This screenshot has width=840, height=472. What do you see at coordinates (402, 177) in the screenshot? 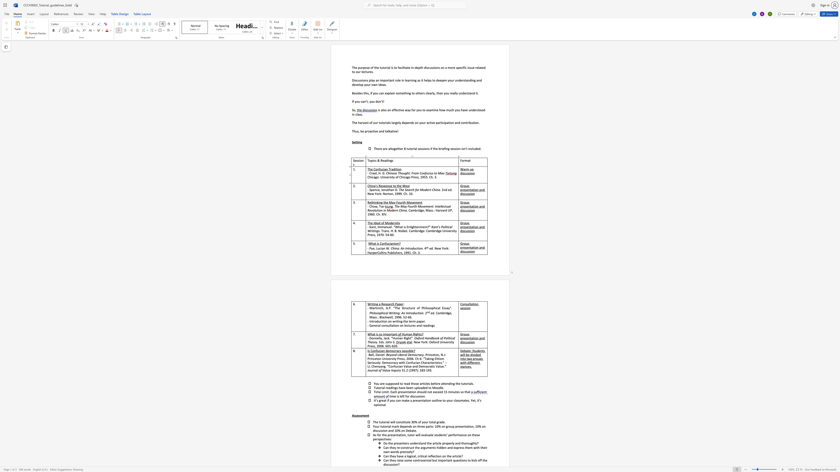
I see `the 2th character "h" in the text` at bounding box center [402, 177].